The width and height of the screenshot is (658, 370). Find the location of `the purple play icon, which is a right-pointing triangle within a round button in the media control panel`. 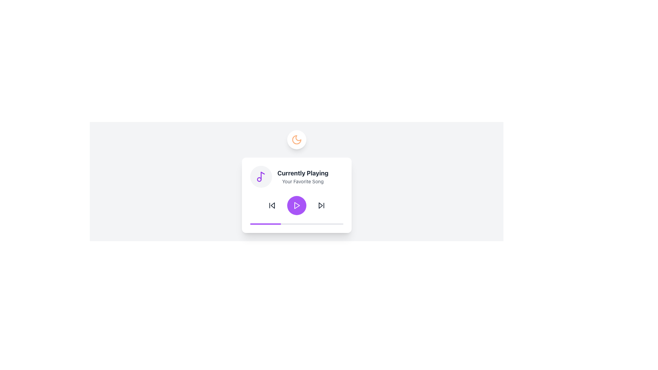

the purple play icon, which is a right-pointing triangle within a round button in the media control panel is located at coordinates (297, 205).